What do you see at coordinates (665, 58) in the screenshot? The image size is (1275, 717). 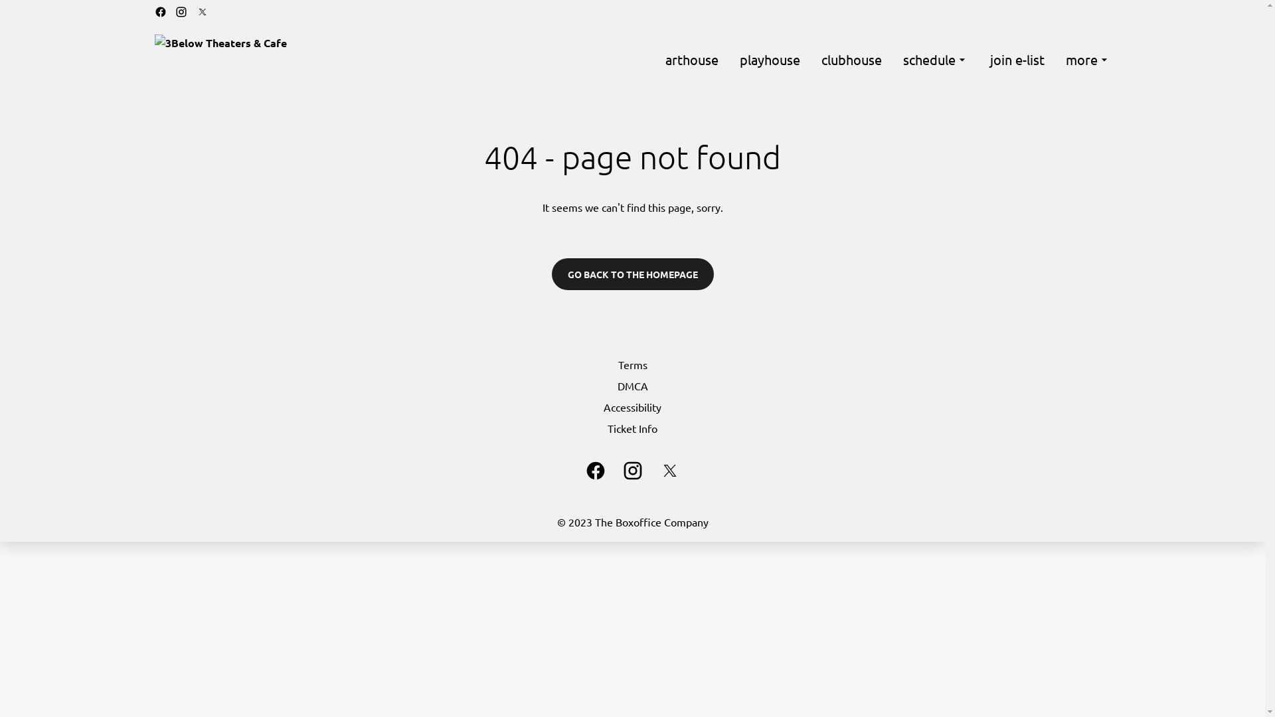 I see `'arthouse'` at bounding box center [665, 58].